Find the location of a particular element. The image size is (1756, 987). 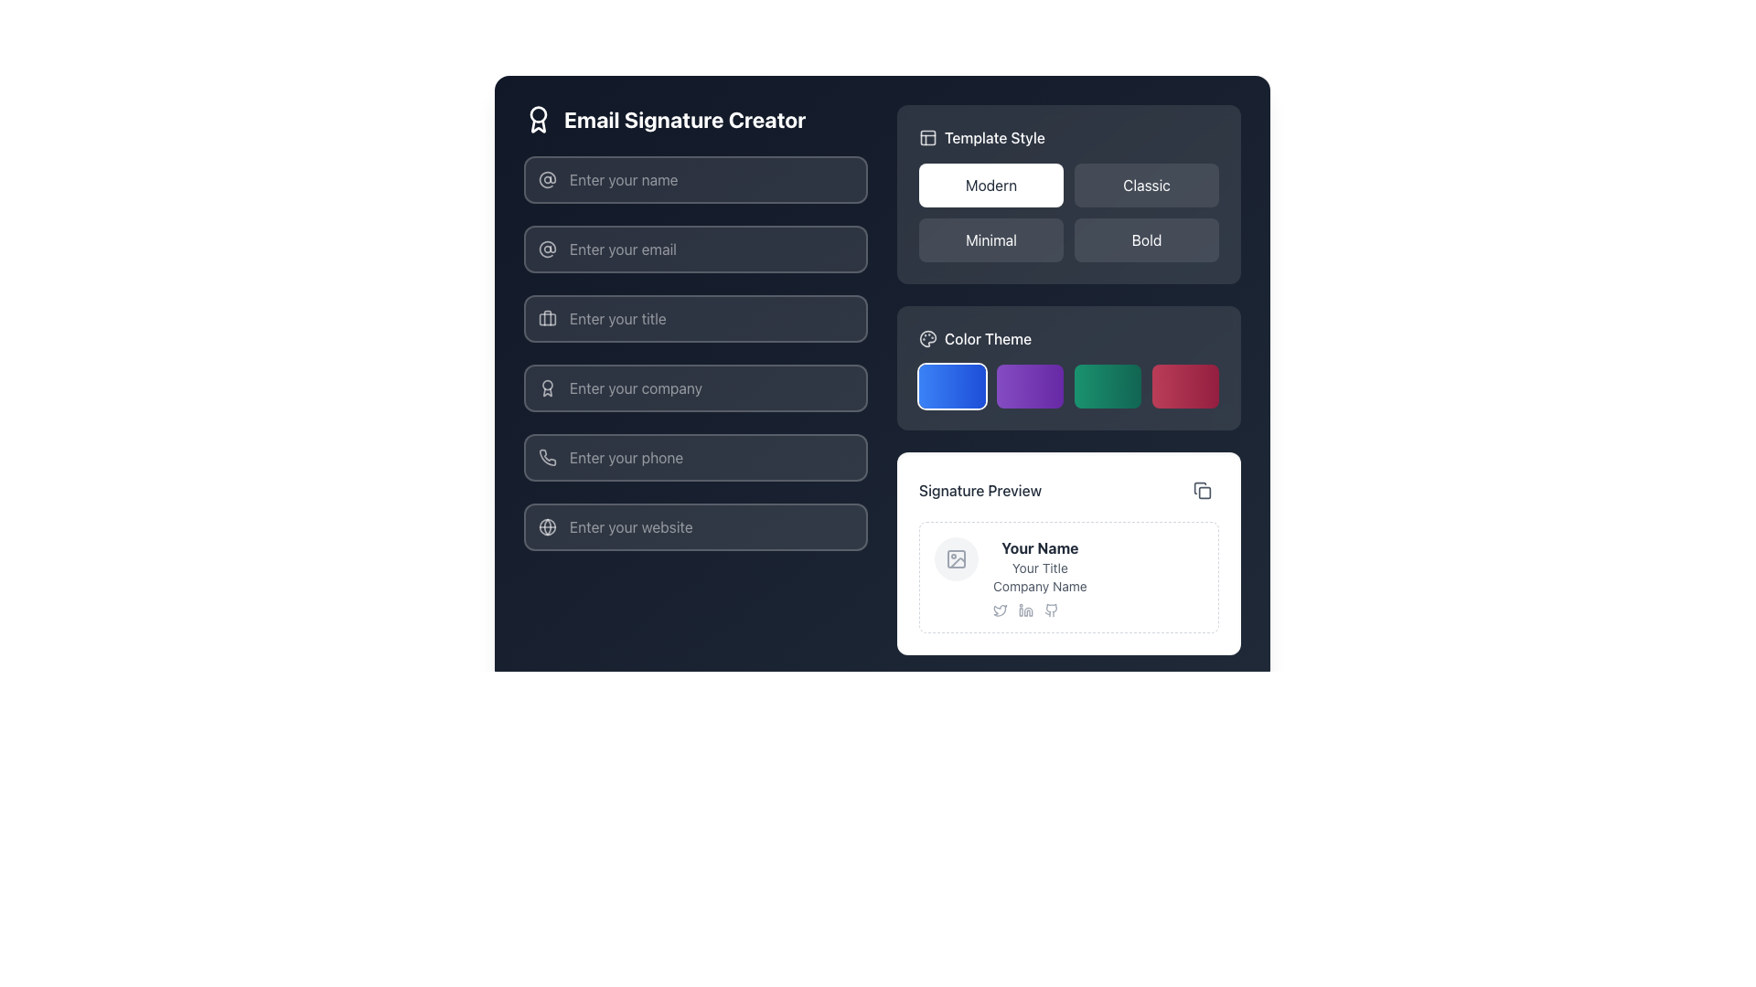

the button located in the top-right corner of the 'Color Theme' section, which provides additional information related to the Color Theme is located at coordinates (1166, 323).